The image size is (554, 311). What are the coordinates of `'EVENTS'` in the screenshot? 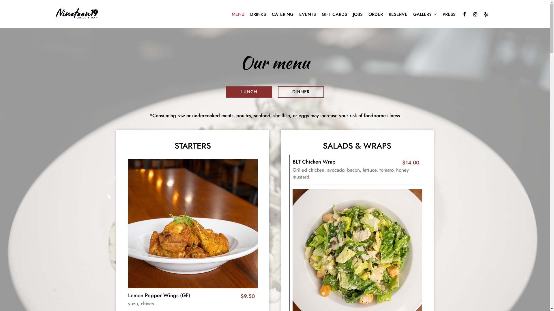 It's located at (307, 14).